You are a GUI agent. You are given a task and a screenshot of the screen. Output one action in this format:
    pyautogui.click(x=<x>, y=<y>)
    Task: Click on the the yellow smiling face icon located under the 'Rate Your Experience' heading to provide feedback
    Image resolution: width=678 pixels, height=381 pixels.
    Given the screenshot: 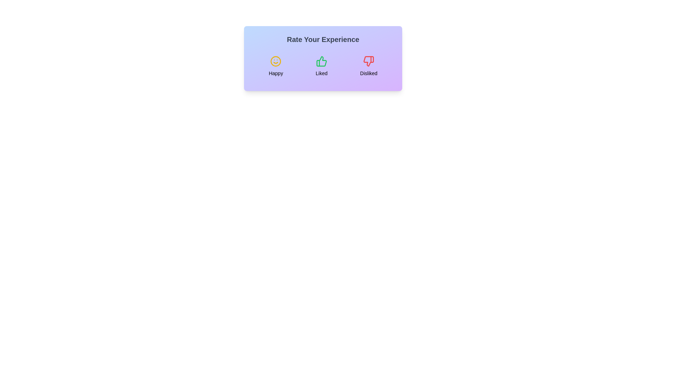 What is the action you would take?
    pyautogui.click(x=275, y=61)
    